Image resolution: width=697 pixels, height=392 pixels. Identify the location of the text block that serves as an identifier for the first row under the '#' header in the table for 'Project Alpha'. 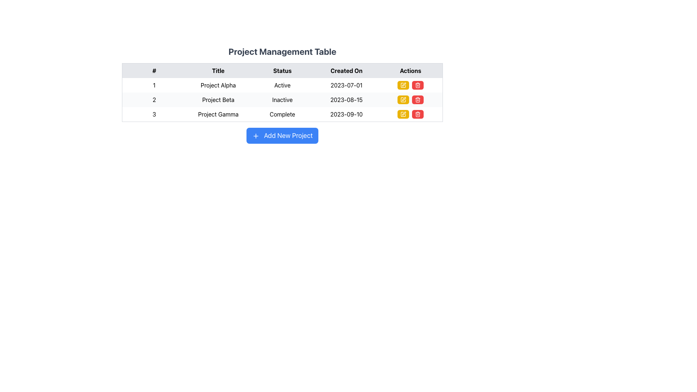
(154, 85).